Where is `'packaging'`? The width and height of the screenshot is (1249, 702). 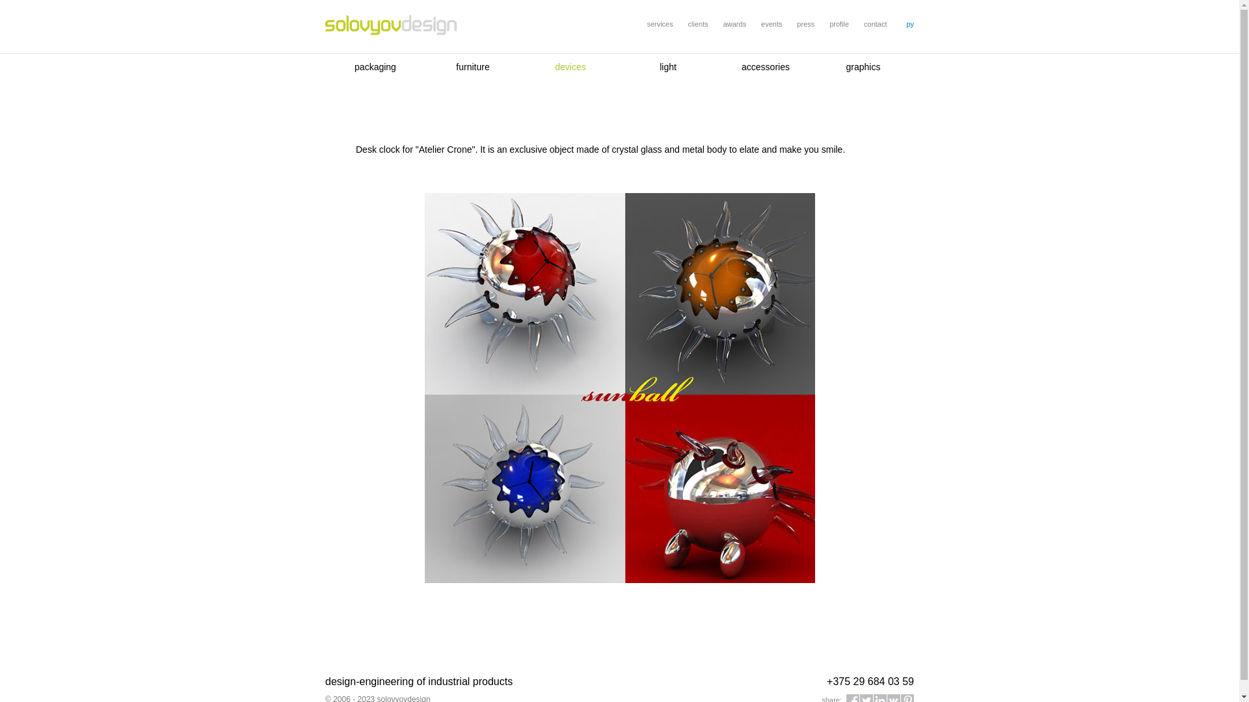
'packaging' is located at coordinates (374, 67).